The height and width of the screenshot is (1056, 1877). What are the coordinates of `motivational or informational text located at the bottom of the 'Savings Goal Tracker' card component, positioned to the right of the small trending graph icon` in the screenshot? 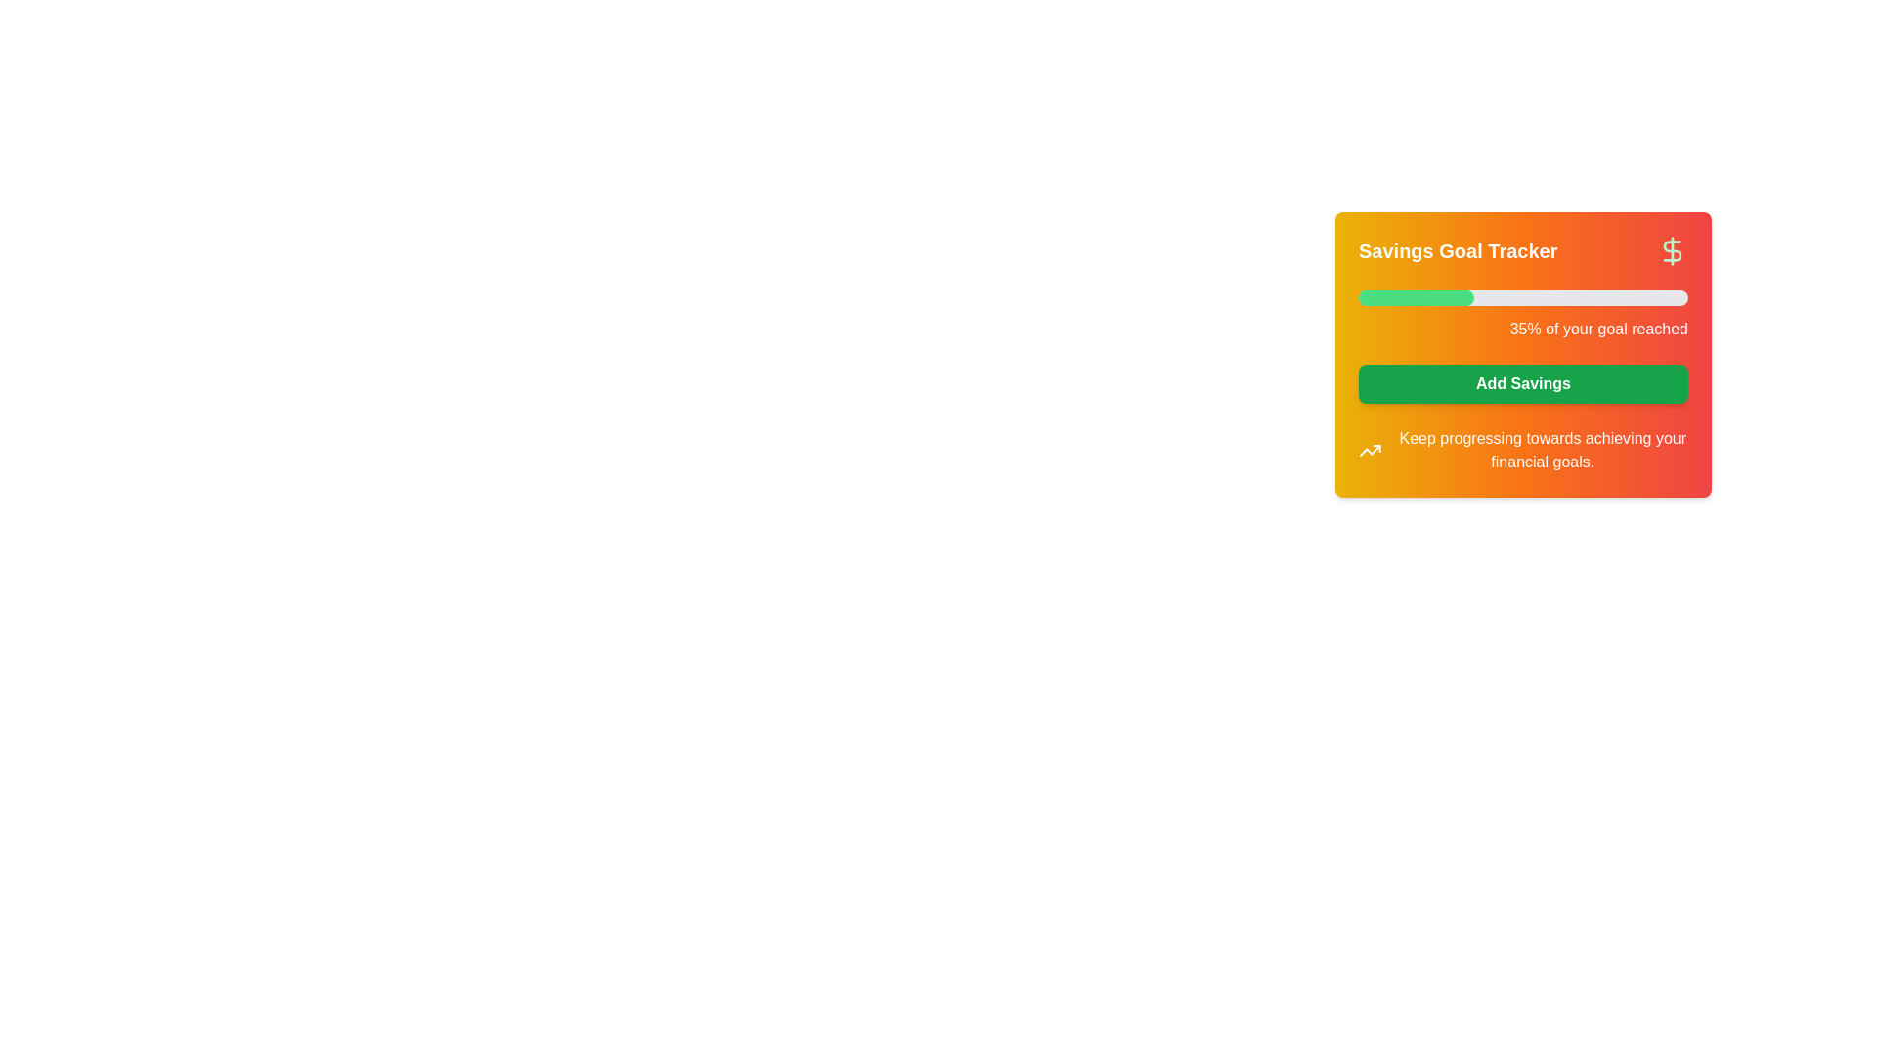 It's located at (1542, 451).